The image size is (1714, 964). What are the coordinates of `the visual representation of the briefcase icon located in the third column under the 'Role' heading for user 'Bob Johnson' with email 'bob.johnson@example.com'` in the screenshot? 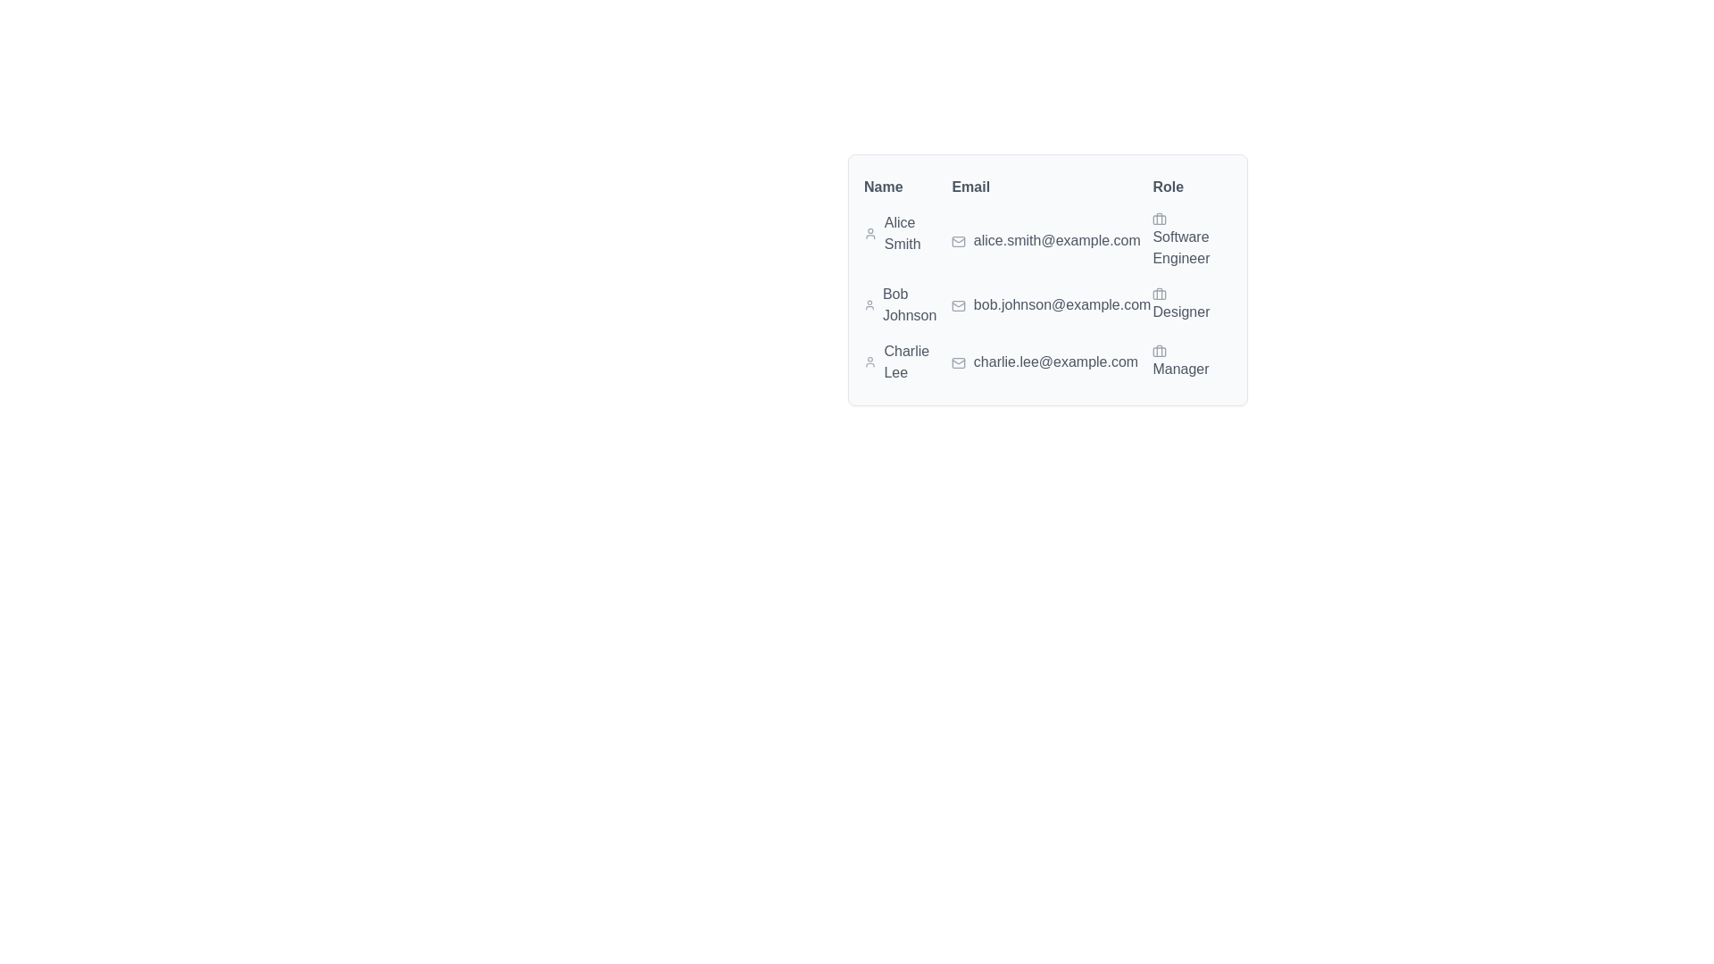 It's located at (1160, 294).